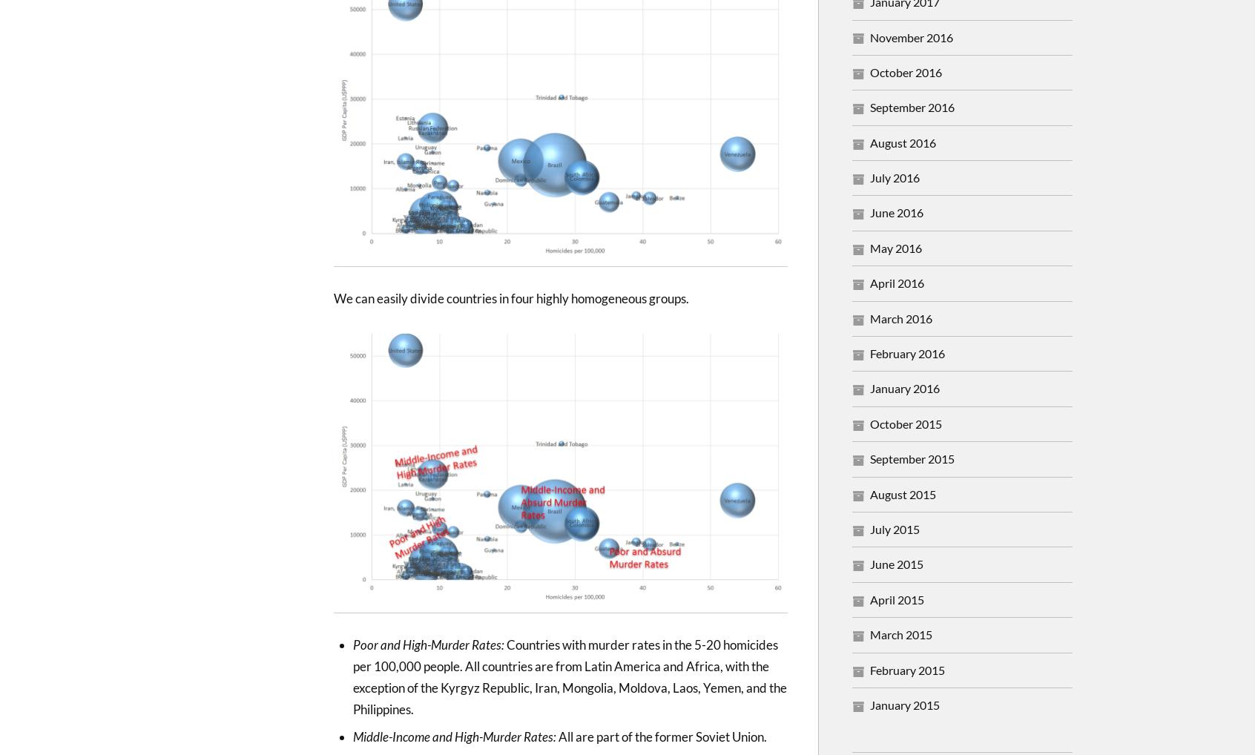  Describe the element at coordinates (897, 283) in the screenshot. I see `'April 2016'` at that location.